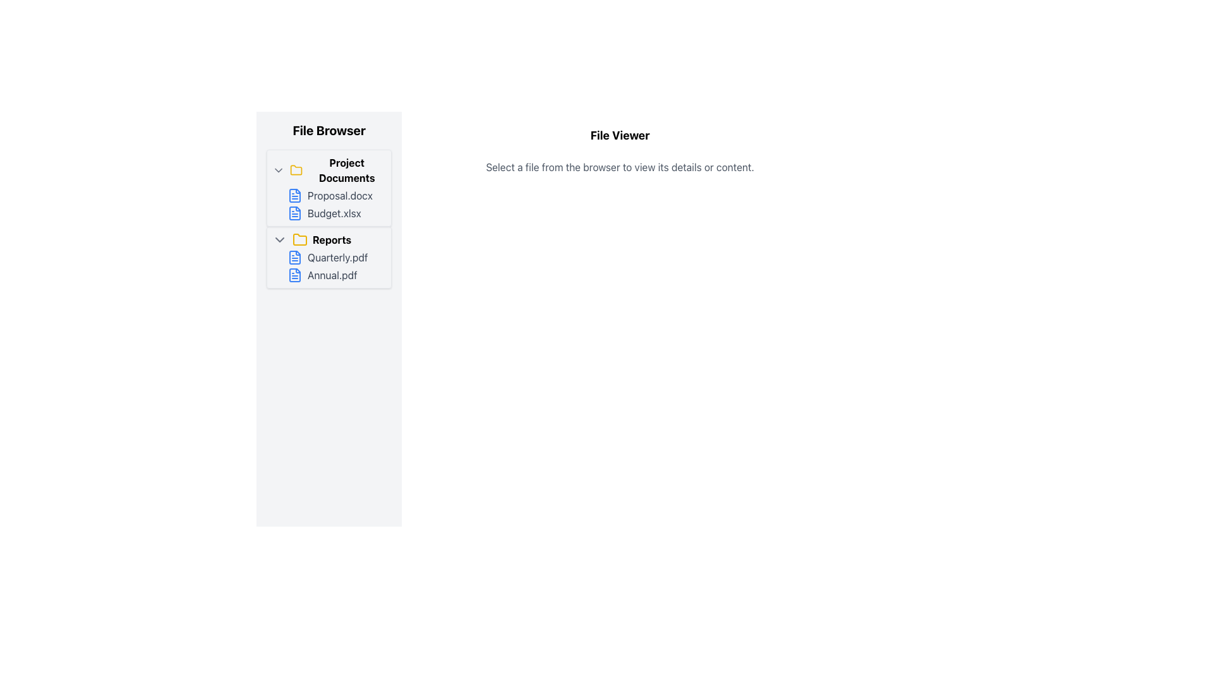 Image resolution: width=1213 pixels, height=682 pixels. Describe the element at coordinates (294, 257) in the screenshot. I see `the non-interactive SVG graphic icon representing the file 'Proposal.docx' in the 'File Browser' section, located next to the label 'Proposal.docx'` at that location.